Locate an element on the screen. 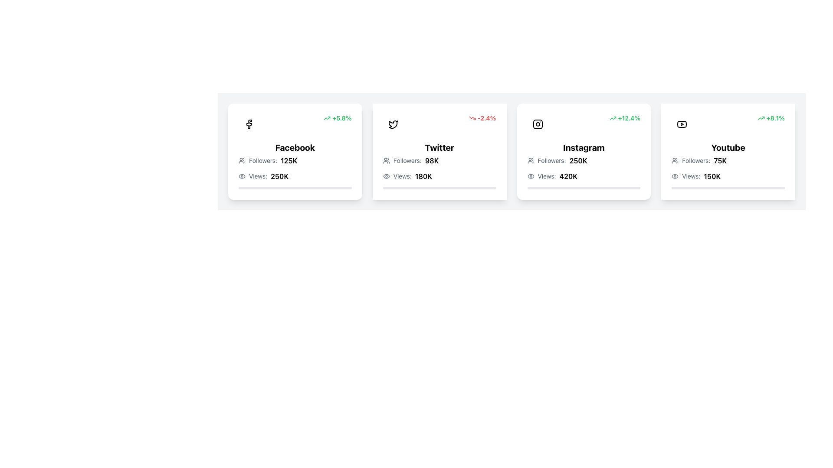 Image resolution: width=833 pixels, height=468 pixels. the Twitter icon located in the header section of the second card from the left, which represents the Twitter social platform is located at coordinates (393, 124).